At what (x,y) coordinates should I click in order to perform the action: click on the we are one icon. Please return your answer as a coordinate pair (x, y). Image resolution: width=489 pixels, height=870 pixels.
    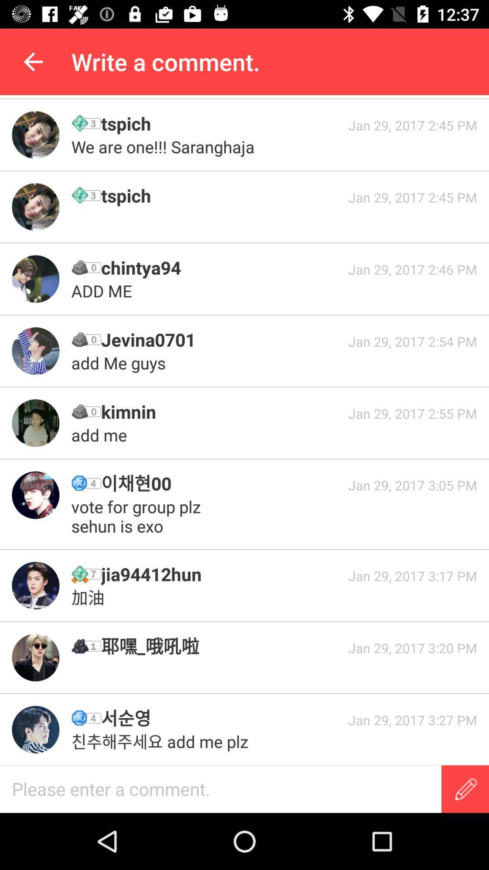
    Looking at the image, I should click on (165, 147).